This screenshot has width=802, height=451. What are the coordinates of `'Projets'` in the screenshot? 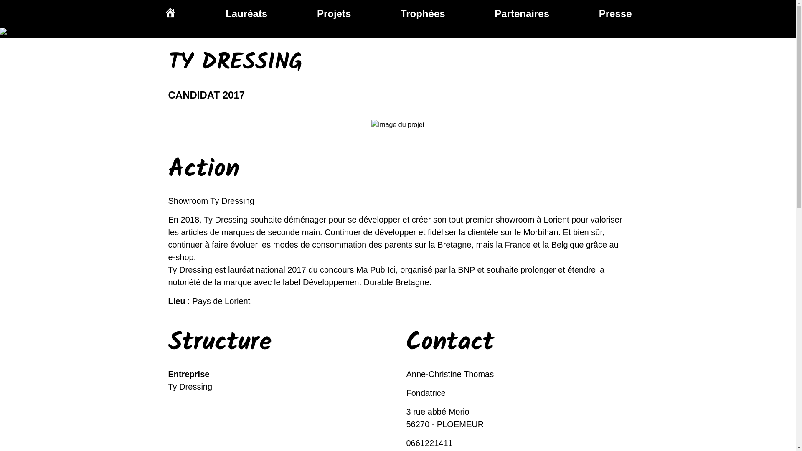 It's located at (333, 13).